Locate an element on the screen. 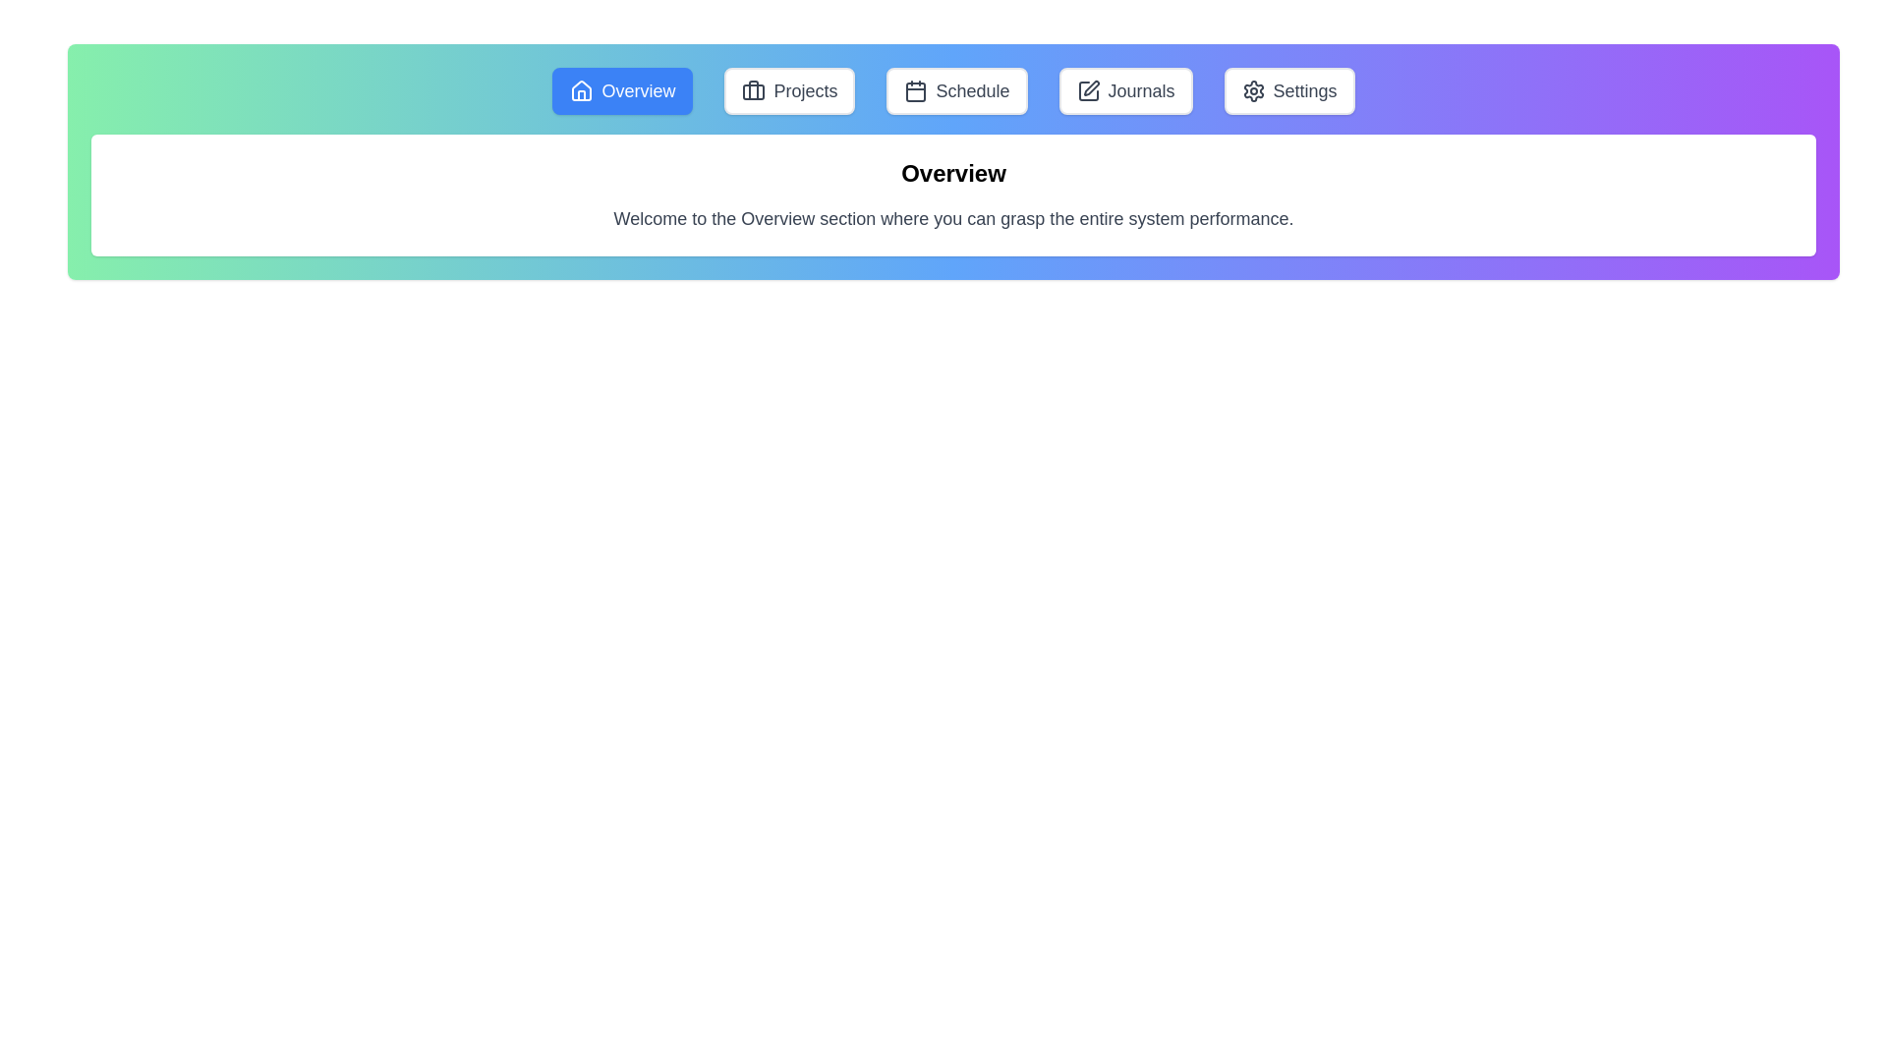 This screenshot has height=1061, width=1887. the navigation button labeled 'Schedule' located at the top navigation bar, specifically the third button from the left is located at coordinates (957, 90).